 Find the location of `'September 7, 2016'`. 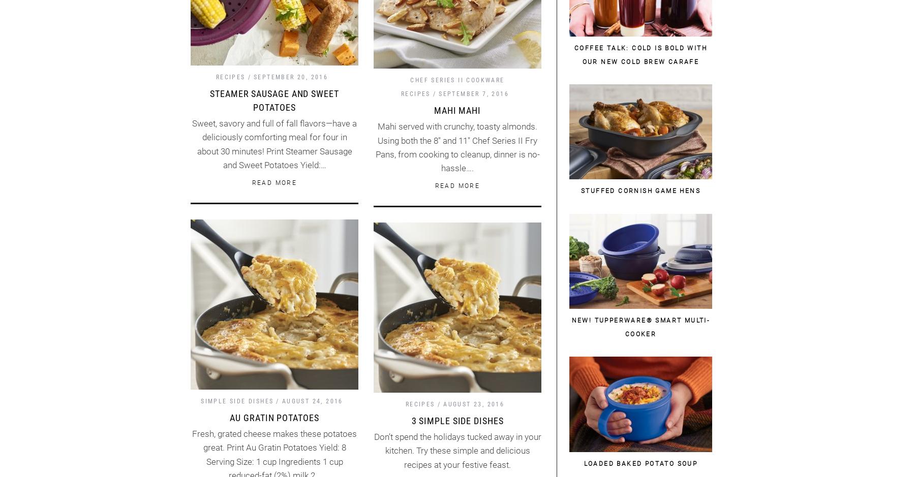

'September 7, 2016' is located at coordinates (438, 93).